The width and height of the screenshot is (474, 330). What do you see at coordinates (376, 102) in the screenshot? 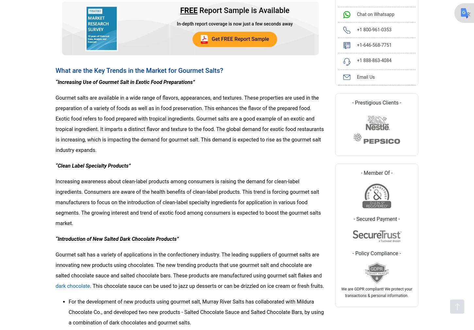
I see `'- Prestigious Clients -'` at bounding box center [376, 102].